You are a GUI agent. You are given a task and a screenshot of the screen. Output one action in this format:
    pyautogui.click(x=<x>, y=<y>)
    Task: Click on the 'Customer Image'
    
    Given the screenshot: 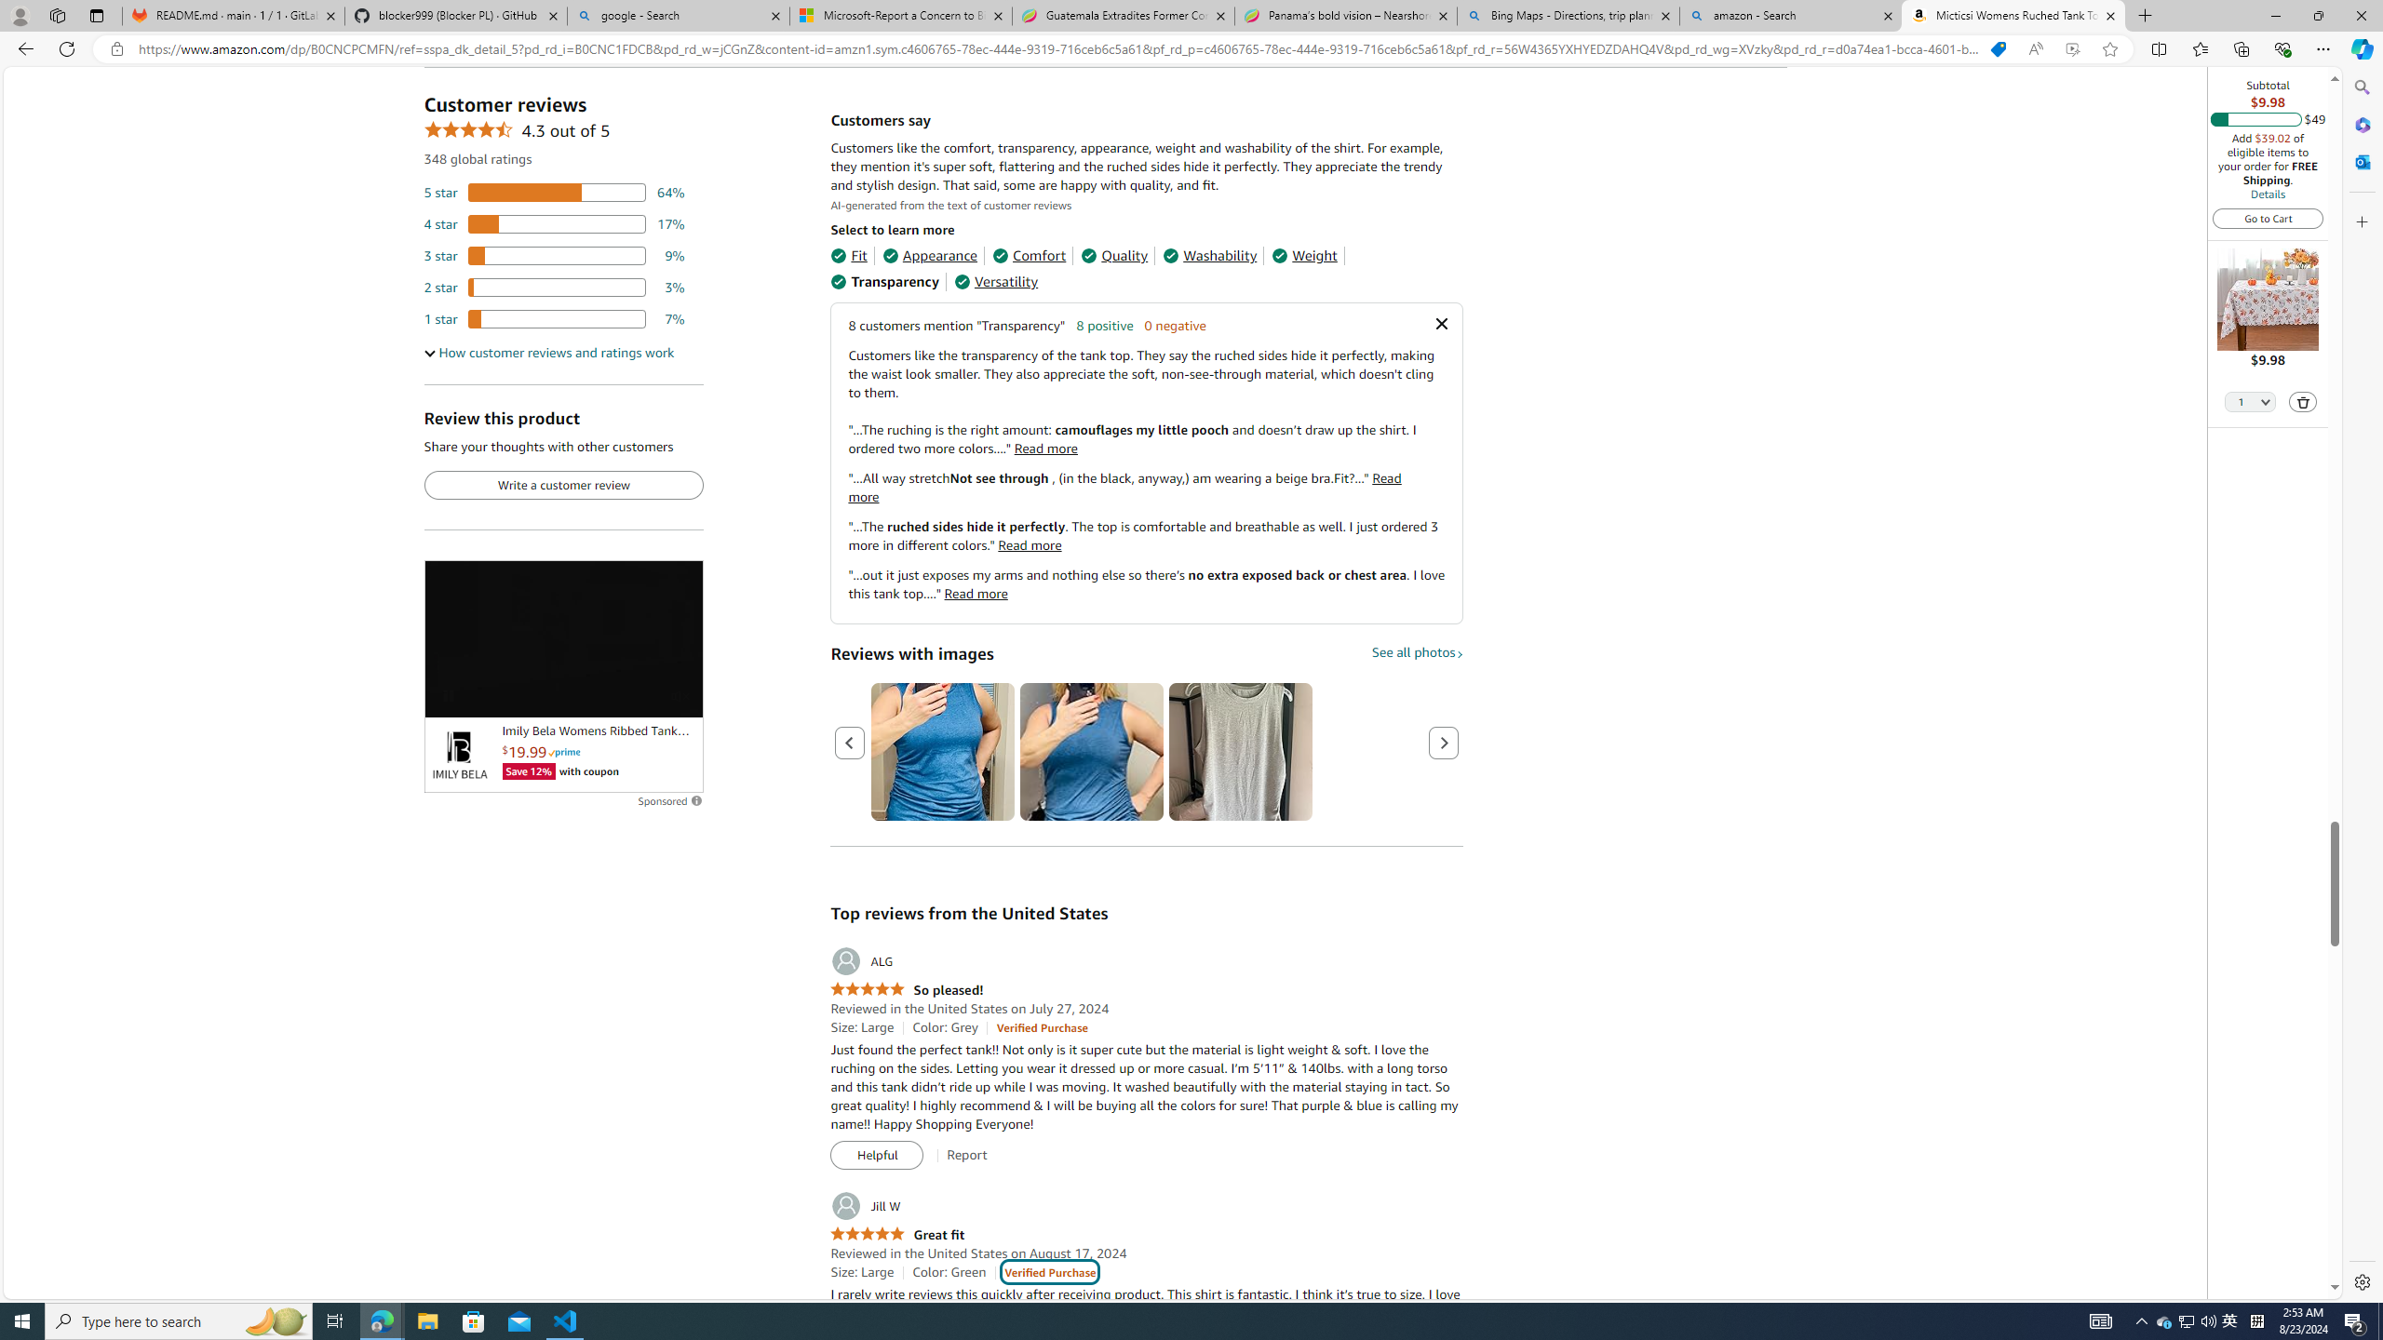 What is the action you would take?
    pyautogui.click(x=1240, y=752)
    